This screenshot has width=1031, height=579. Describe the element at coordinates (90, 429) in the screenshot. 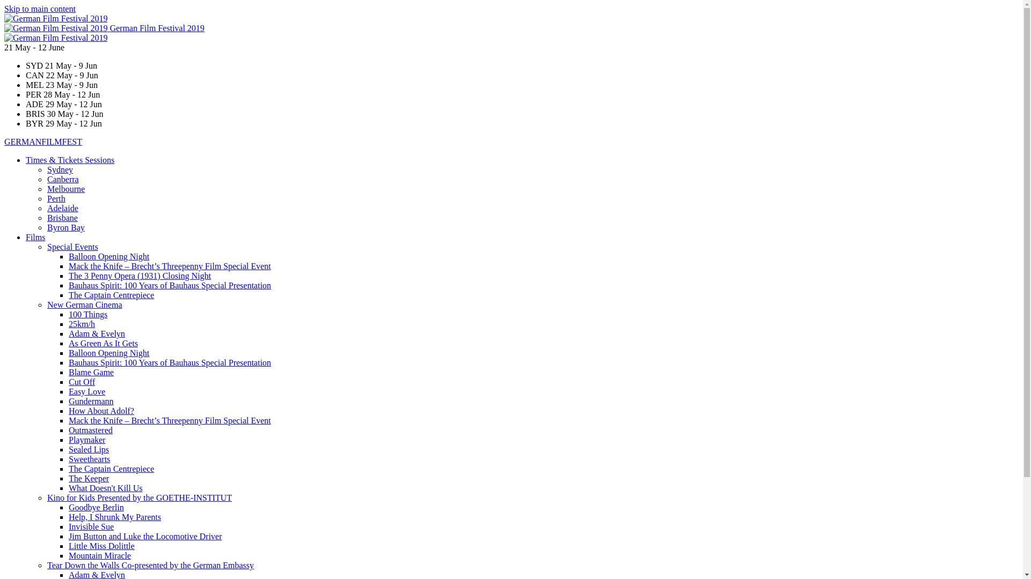

I see `'Outmastered'` at that location.